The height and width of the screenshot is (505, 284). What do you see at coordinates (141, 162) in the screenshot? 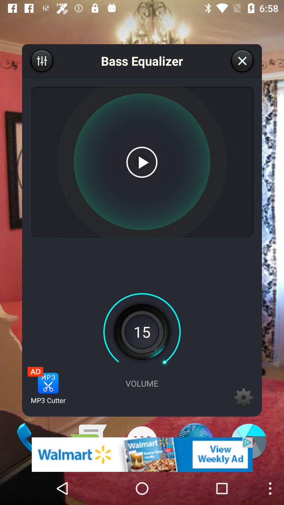
I see `the play icon` at bounding box center [141, 162].